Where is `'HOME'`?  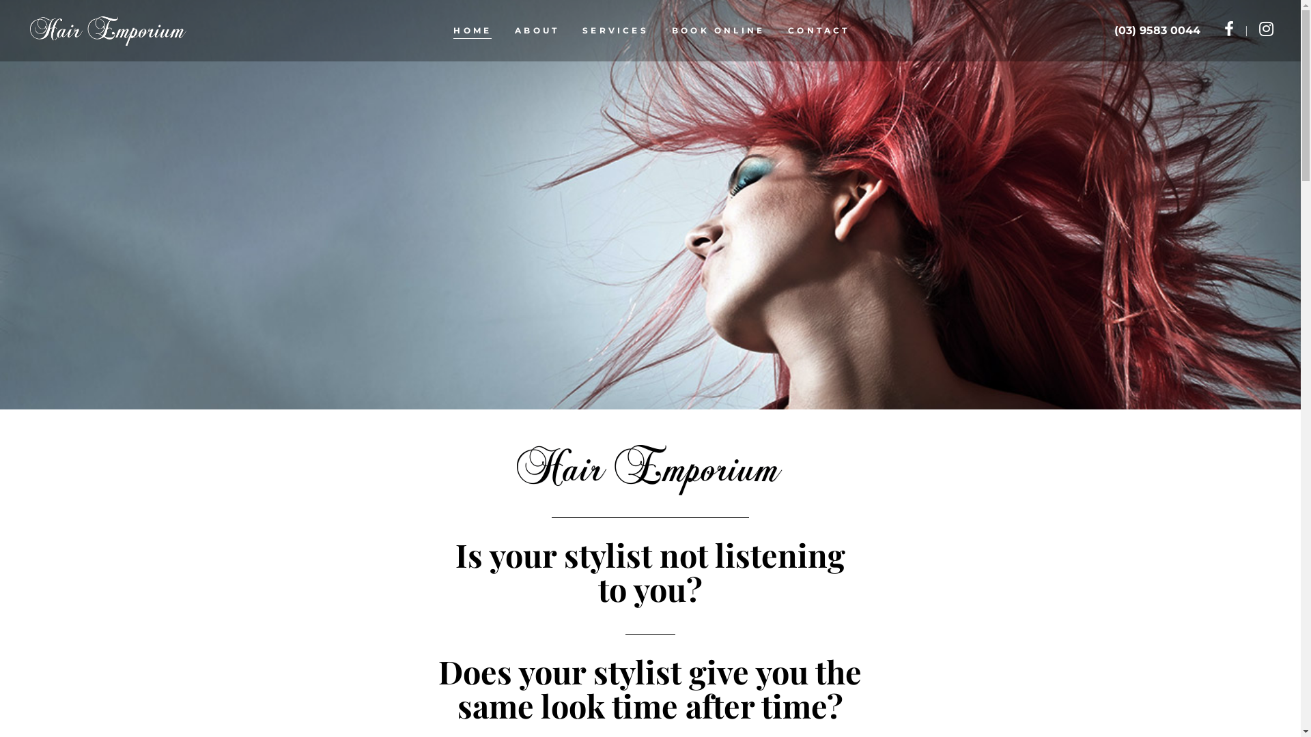 'HOME' is located at coordinates (472, 31).